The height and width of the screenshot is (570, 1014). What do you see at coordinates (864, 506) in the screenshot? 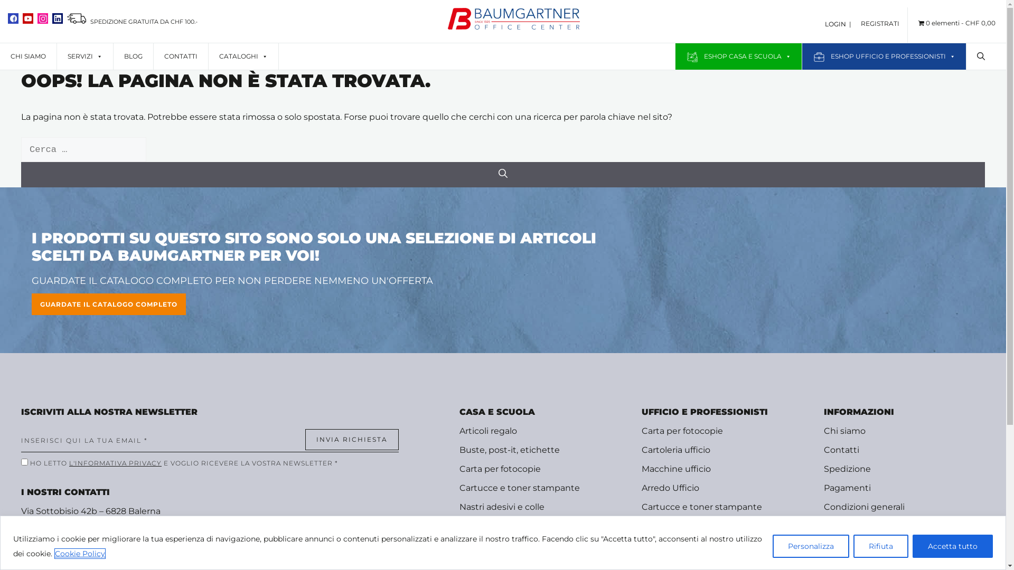
I see `'Condizioni generali'` at bounding box center [864, 506].